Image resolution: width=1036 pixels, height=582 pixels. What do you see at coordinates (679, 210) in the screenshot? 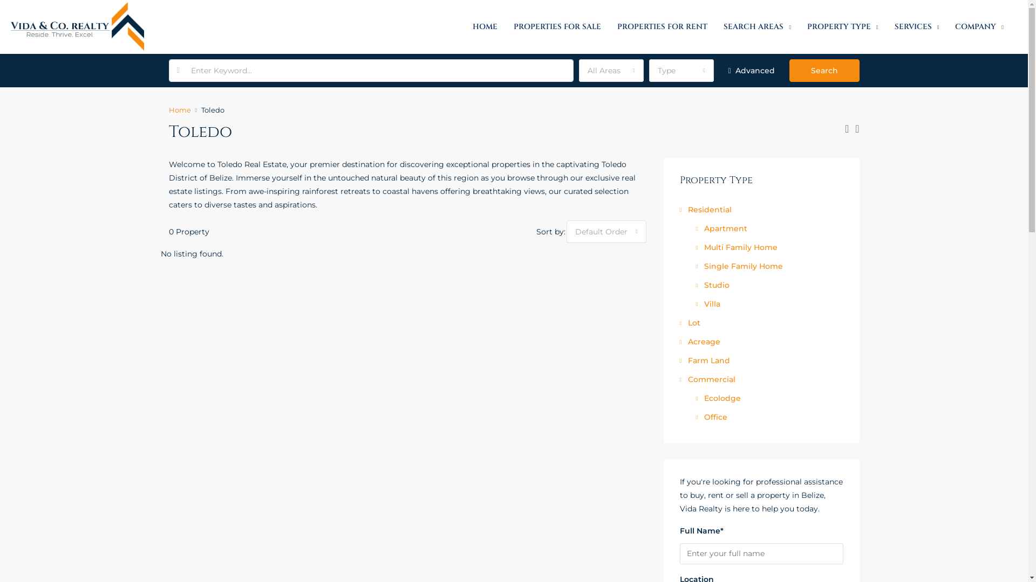
I see `'Residential'` at bounding box center [679, 210].